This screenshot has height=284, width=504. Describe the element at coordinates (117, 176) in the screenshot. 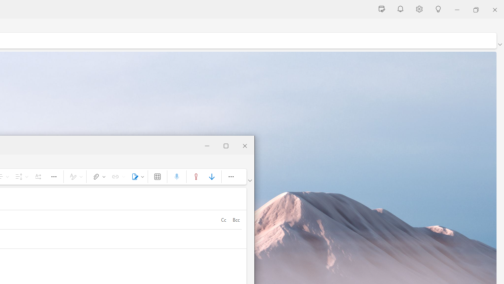

I see `'Link'` at that location.